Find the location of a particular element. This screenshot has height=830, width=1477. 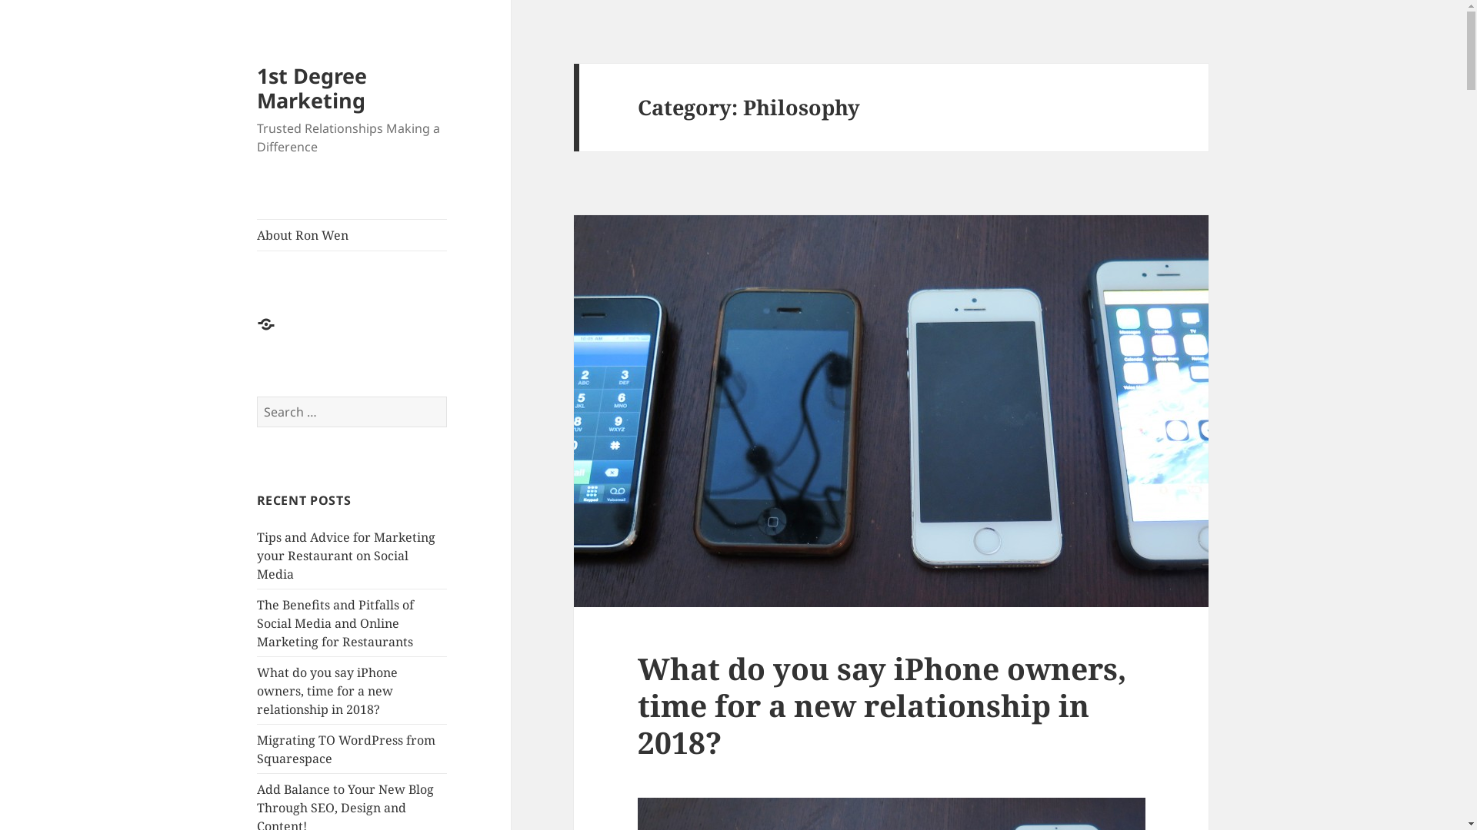

'About Ron Wen' is located at coordinates (275, 333).